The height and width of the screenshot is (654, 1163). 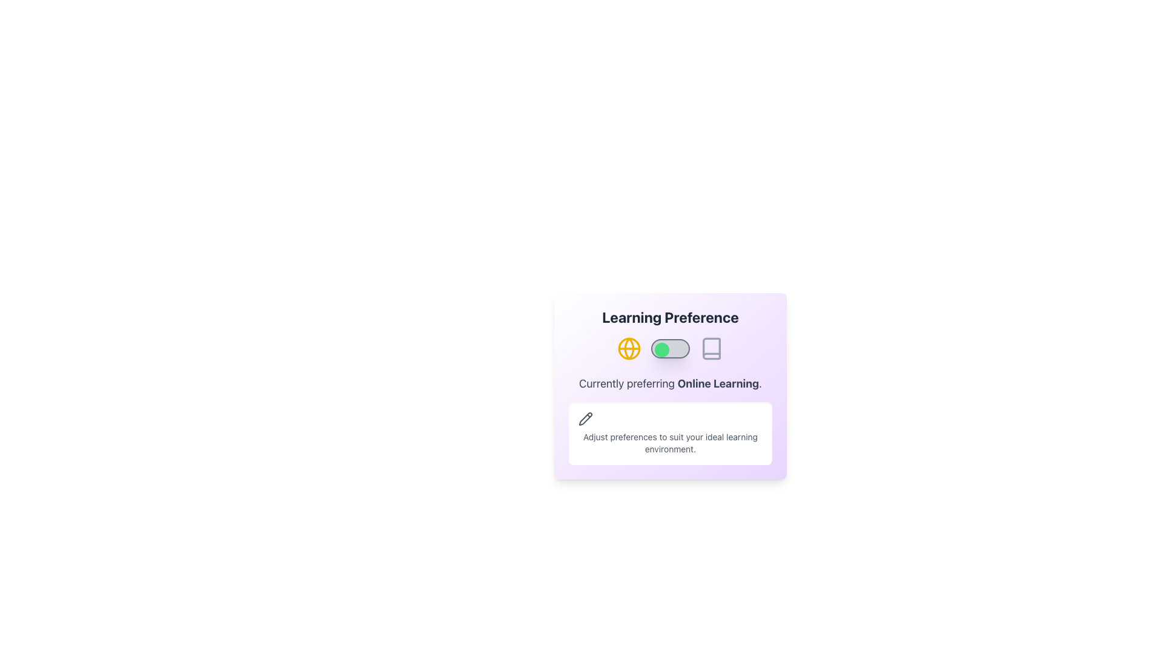 I want to click on the stylized open book icon located in the 'Learning Preference' section, which is the third icon in the row of three graphical icons, so click(x=712, y=348).